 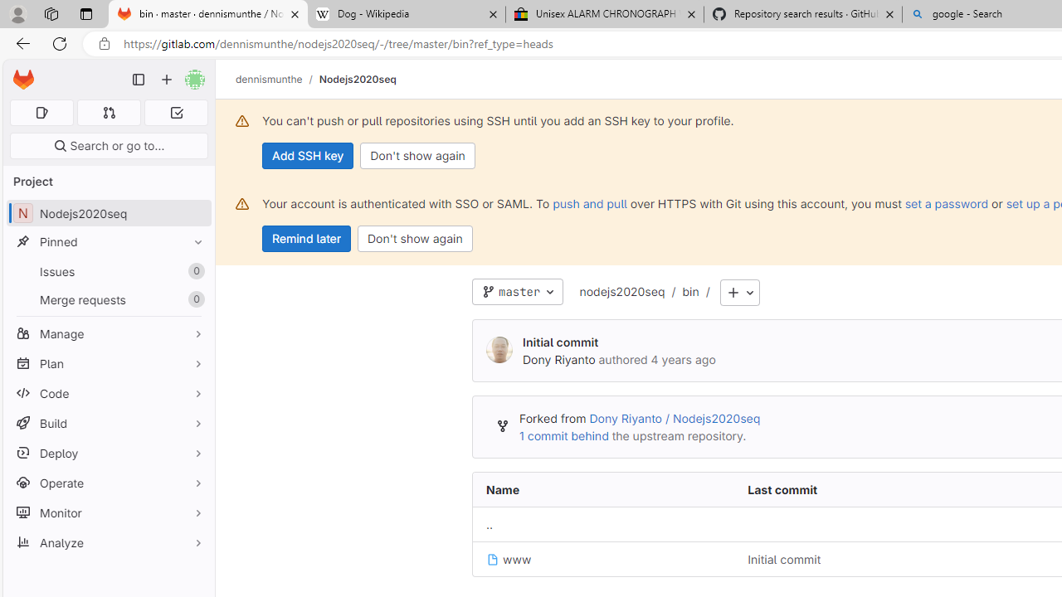 I want to click on 'Add SSH key', so click(x=308, y=155).